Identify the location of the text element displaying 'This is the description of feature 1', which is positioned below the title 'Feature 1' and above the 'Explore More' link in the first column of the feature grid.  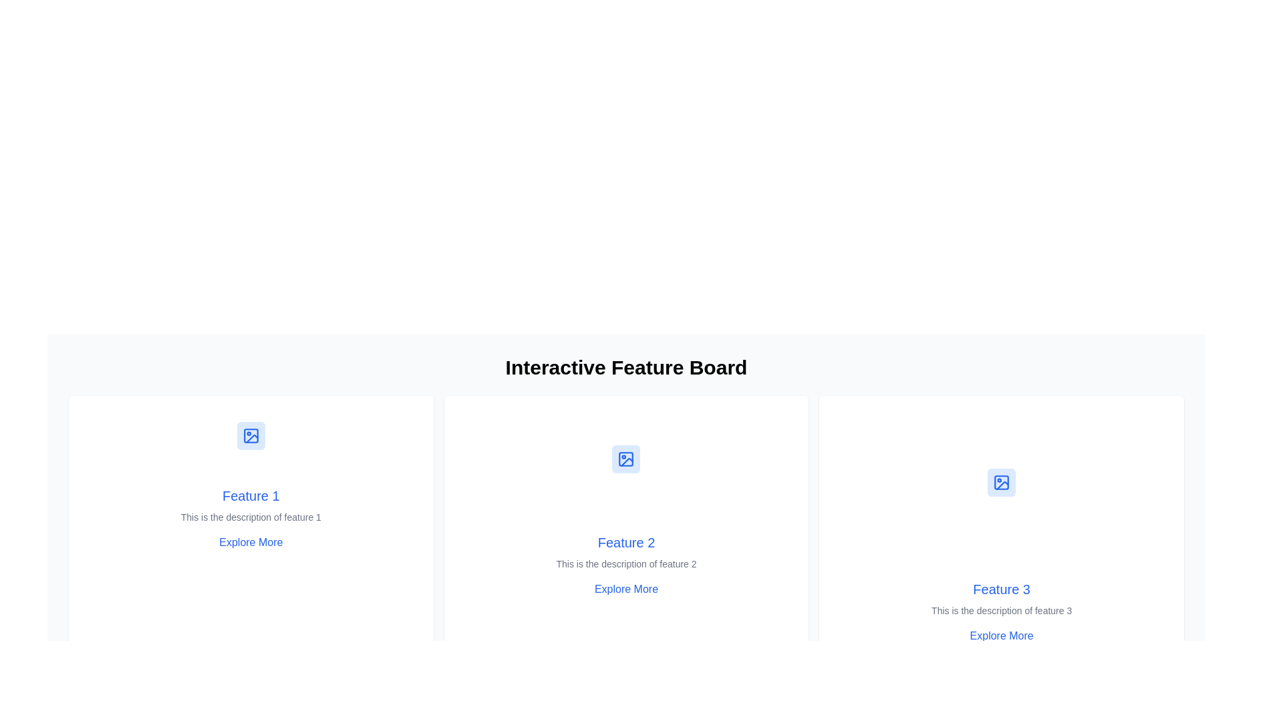
(251, 517).